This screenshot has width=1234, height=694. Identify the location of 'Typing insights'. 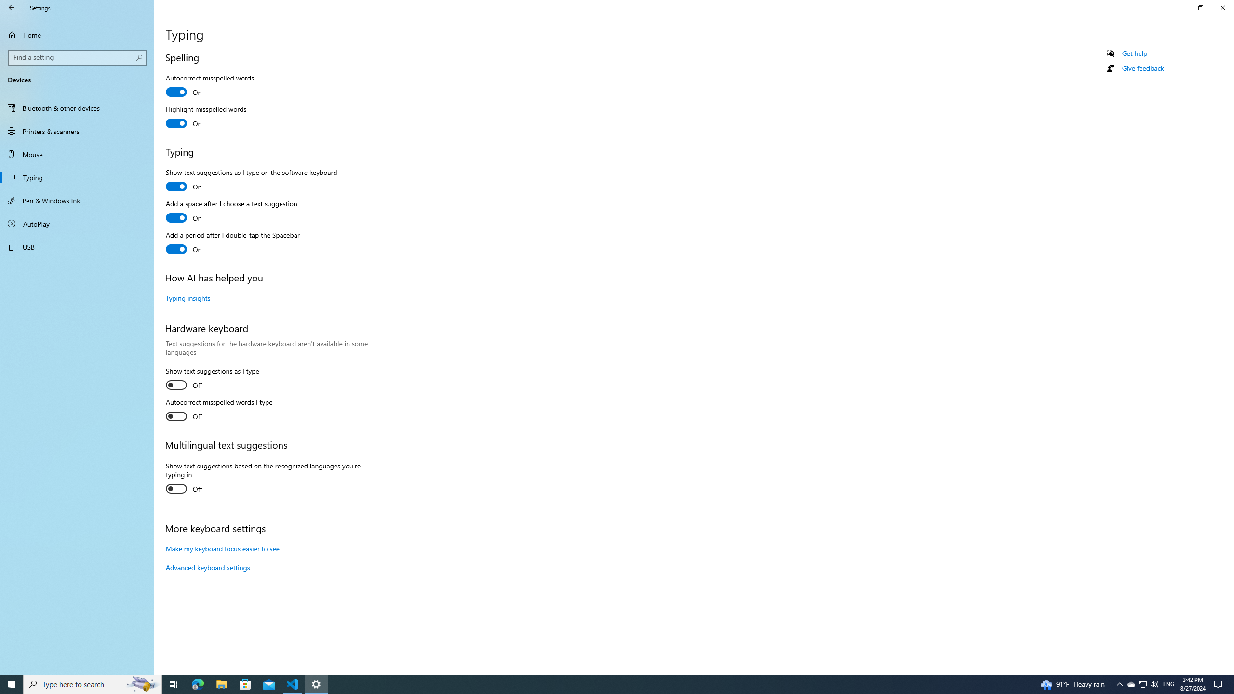
(188, 297).